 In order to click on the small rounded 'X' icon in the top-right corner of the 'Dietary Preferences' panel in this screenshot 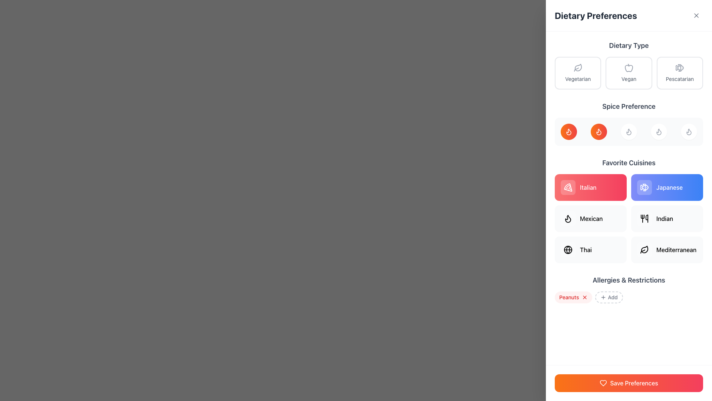, I will do `click(696, 16)`.